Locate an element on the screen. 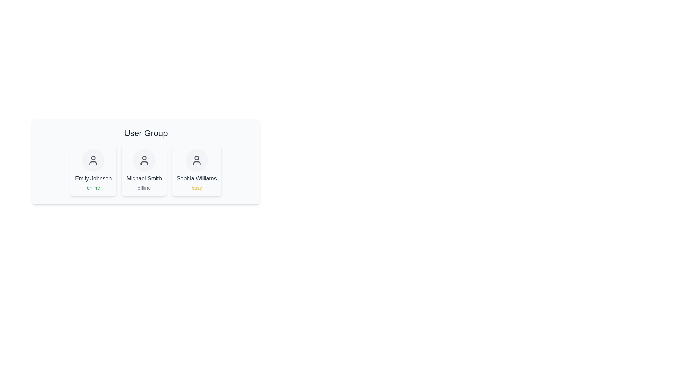 The width and height of the screenshot is (676, 380). the User Icon representing 'Sophia Williams' to initiate interaction is located at coordinates (196, 160).